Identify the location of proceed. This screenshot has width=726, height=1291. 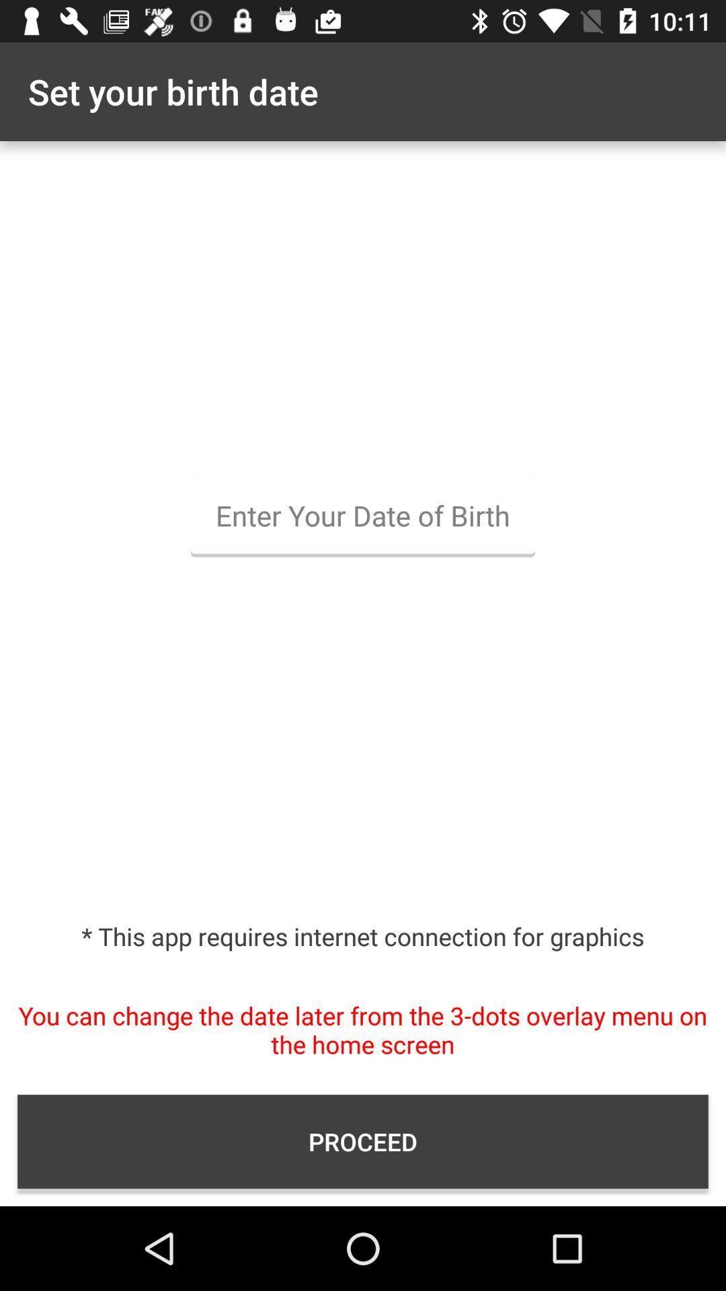
(363, 1141).